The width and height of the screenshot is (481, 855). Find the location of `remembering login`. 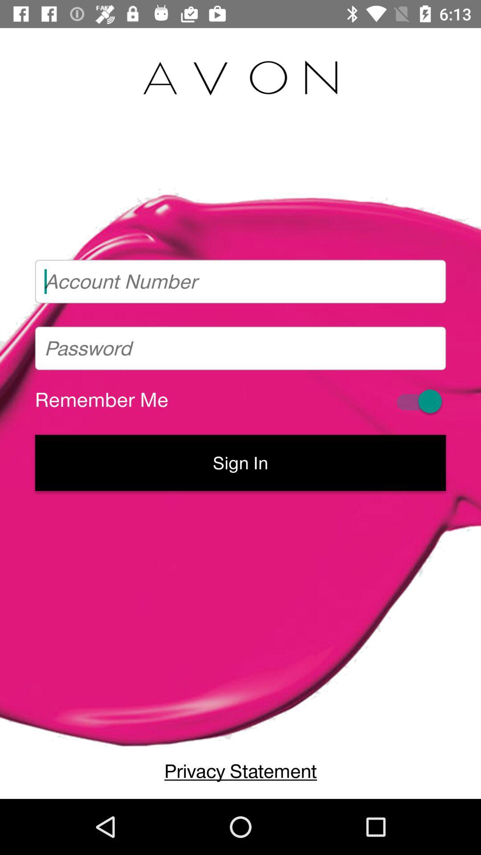

remembering login is located at coordinates (418, 401).